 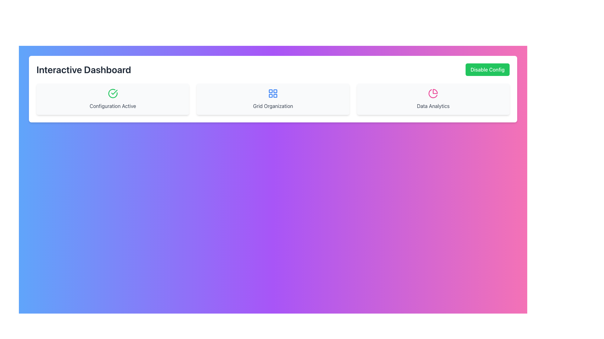 I want to click on the text label that serves as a title for the grid organization feature, located below the grid-like icon in the central card among three horizontally aligned cards, so click(x=273, y=106).